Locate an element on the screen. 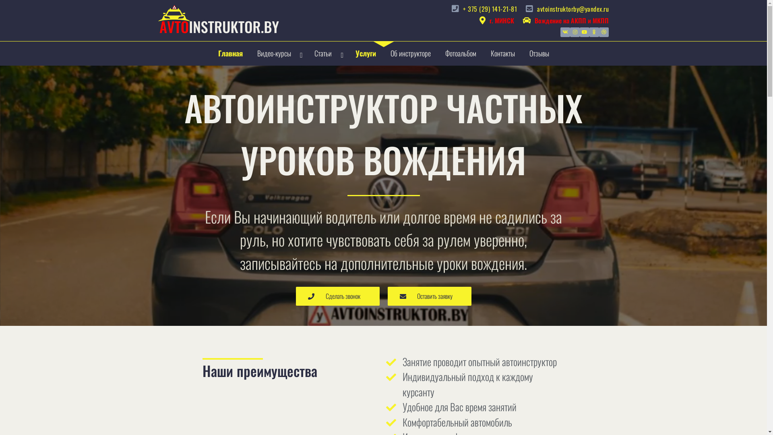 The height and width of the screenshot is (435, 773). '+ 375 (29) 141-21-81' is located at coordinates (483, 9).